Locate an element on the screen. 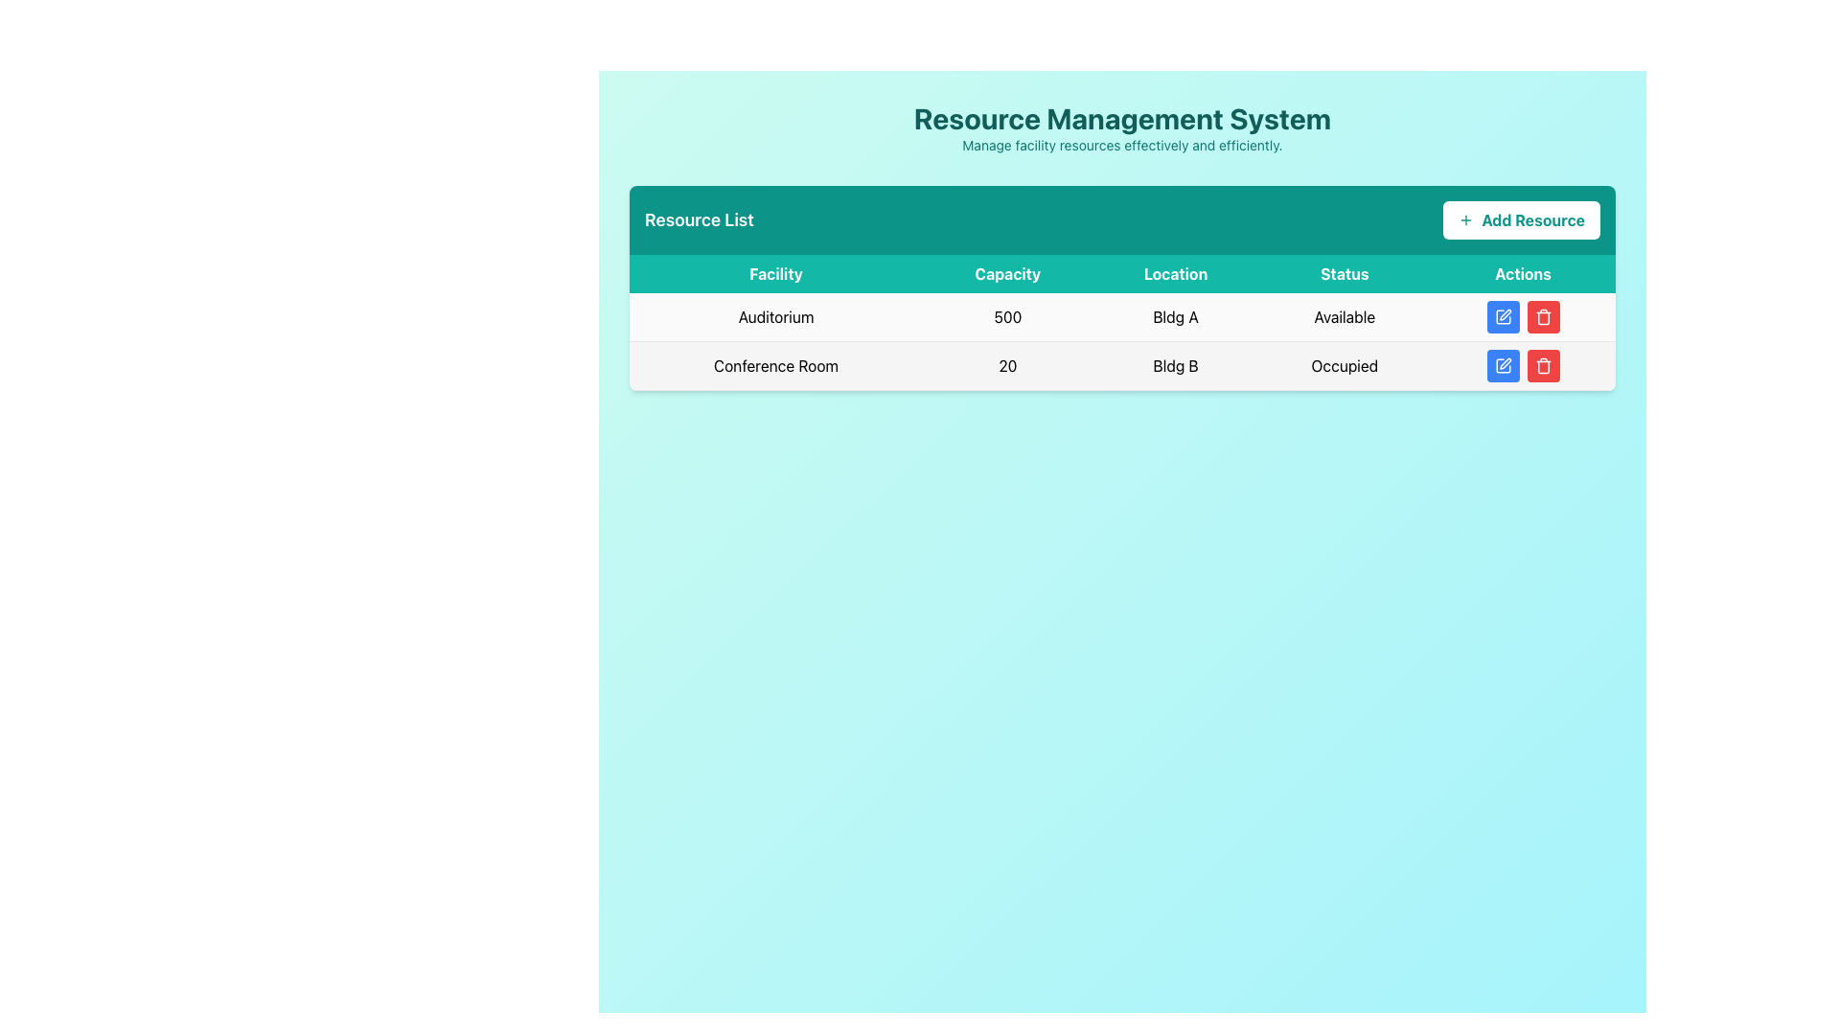 This screenshot has width=1840, height=1035. the text display element labeled 'Conference Room' located in the 'Facility' column of the table under the 'Resource List' section is located at coordinates (776, 365).